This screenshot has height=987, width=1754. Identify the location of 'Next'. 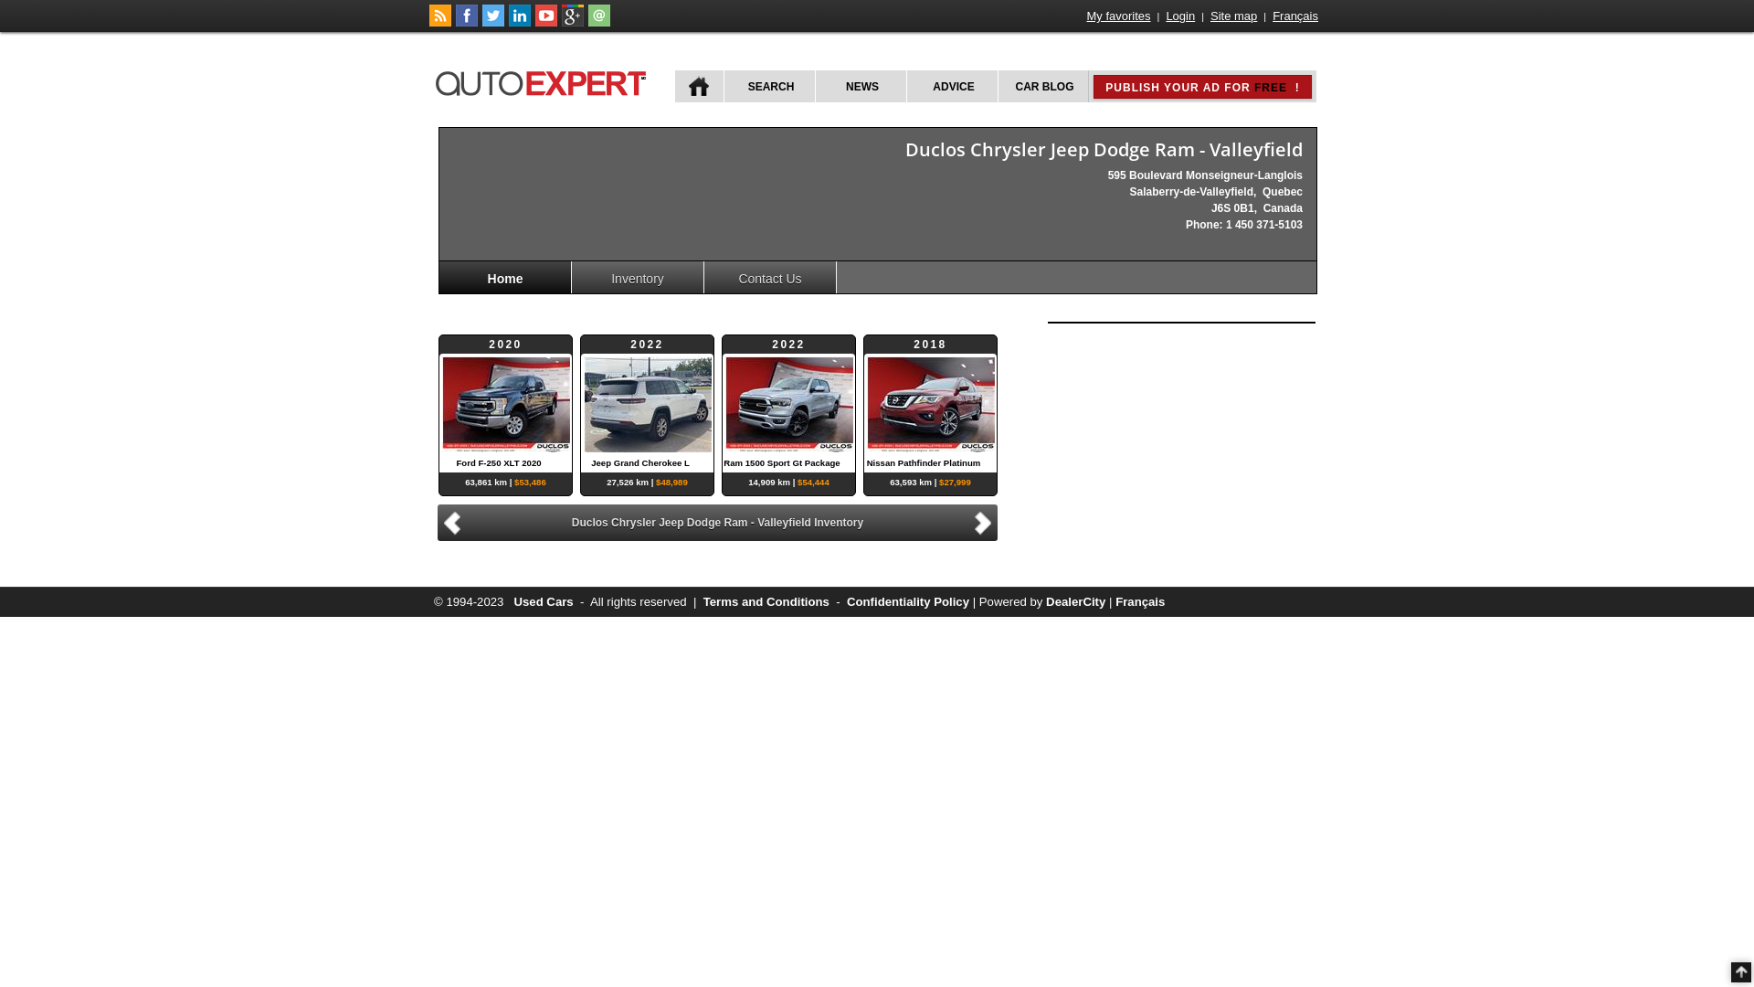
(973, 521).